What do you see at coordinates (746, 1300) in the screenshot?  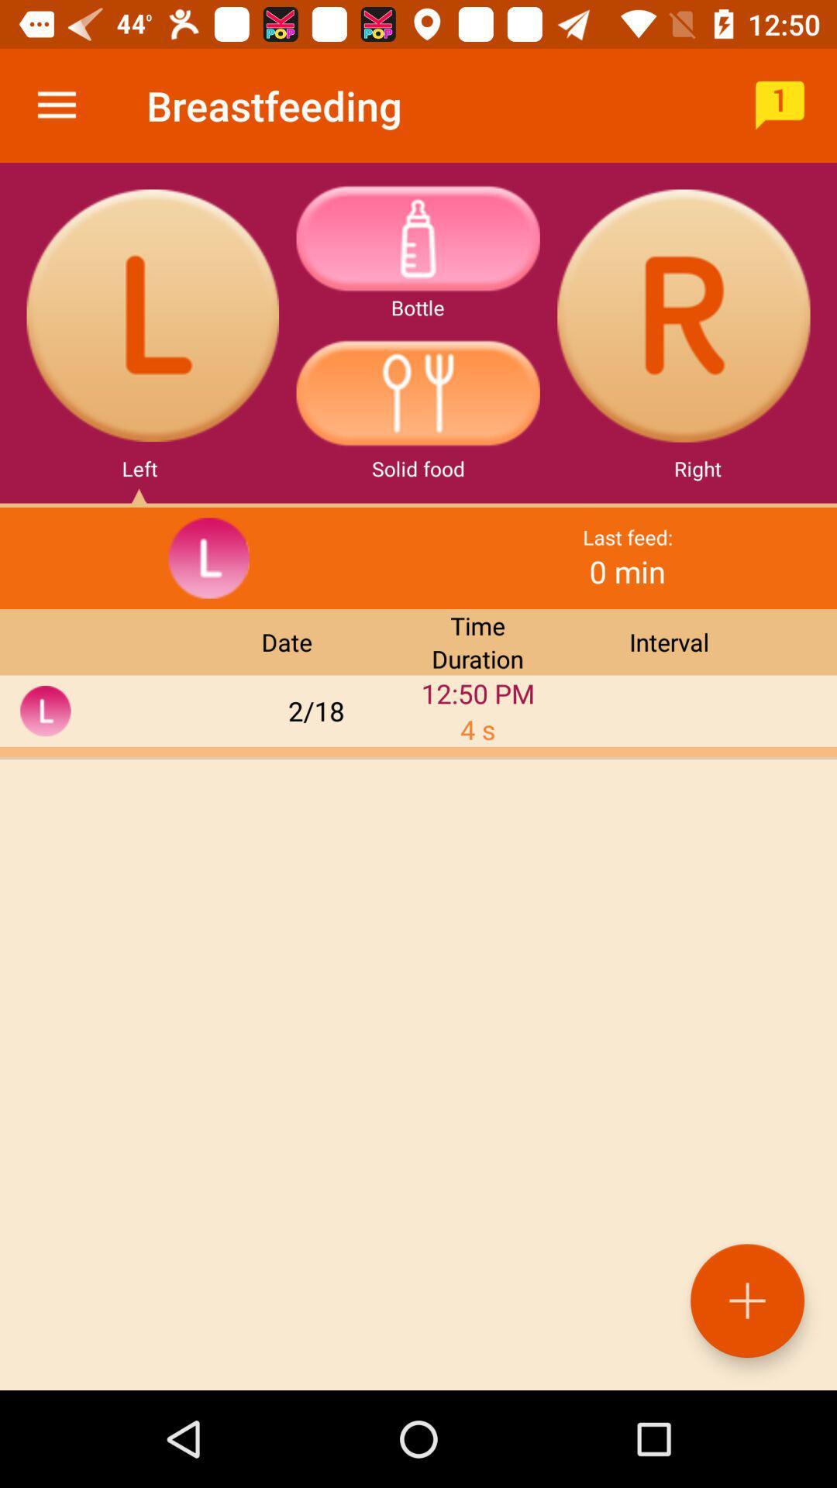 I see `the add icon` at bounding box center [746, 1300].